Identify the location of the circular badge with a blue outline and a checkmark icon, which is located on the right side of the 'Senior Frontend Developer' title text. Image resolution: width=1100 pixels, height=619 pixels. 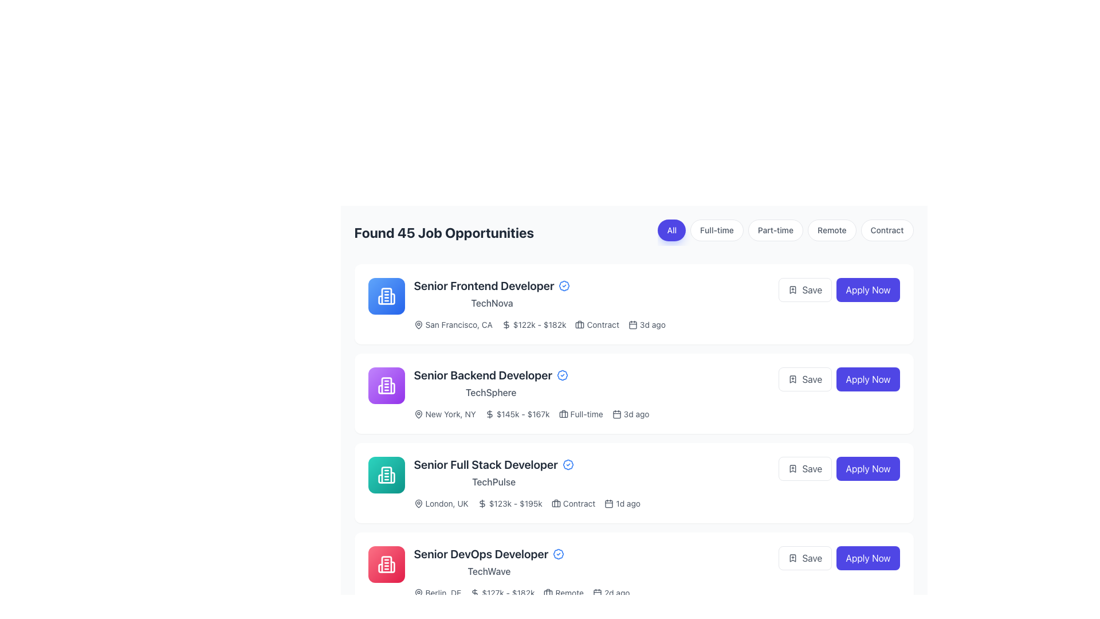
(564, 285).